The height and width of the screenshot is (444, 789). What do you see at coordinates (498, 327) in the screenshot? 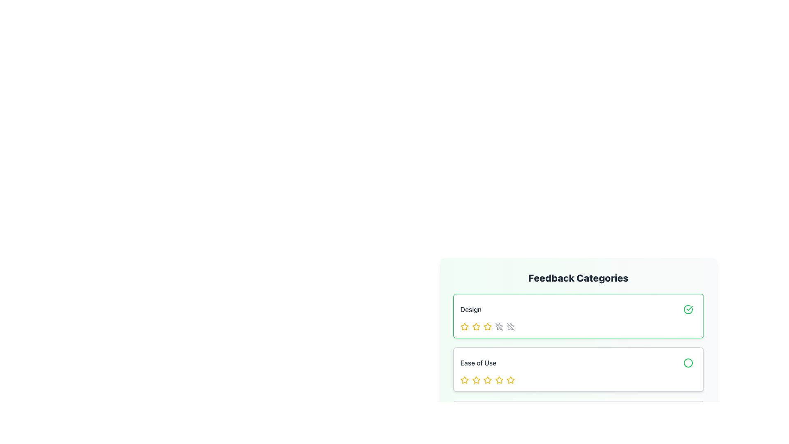
I see `the second star icon in the rating group for the 'Design' feedback category, which serves a decorative role` at bounding box center [498, 327].